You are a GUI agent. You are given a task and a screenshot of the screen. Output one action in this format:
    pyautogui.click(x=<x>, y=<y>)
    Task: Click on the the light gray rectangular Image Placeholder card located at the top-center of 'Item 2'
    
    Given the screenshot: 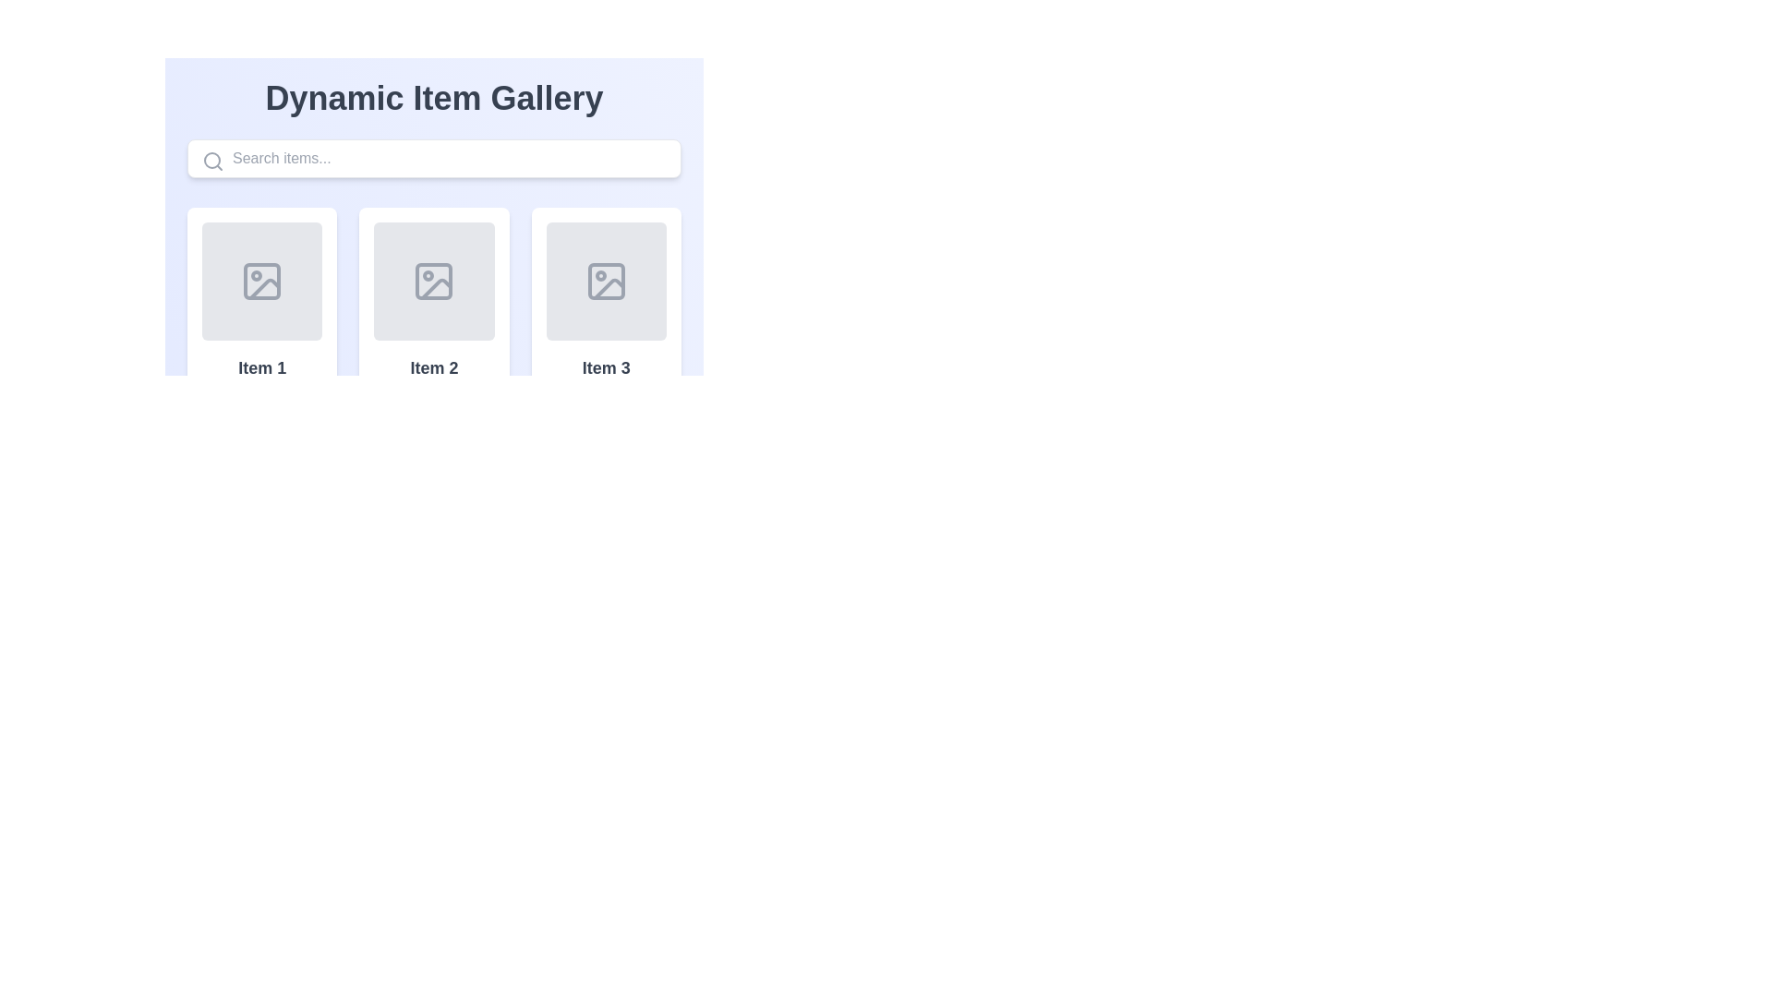 What is the action you would take?
    pyautogui.click(x=433, y=281)
    